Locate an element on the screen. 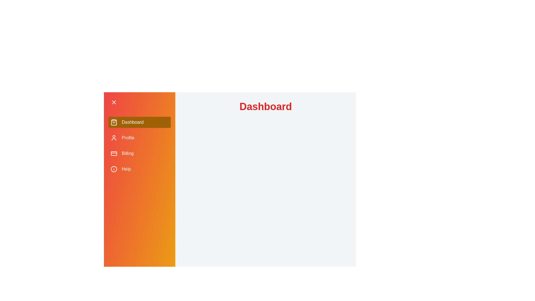 The height and width of the screenshot is (301, 535). the menu item Dashboard to navigate to the corresponding section is located at coordinates (139, 122).